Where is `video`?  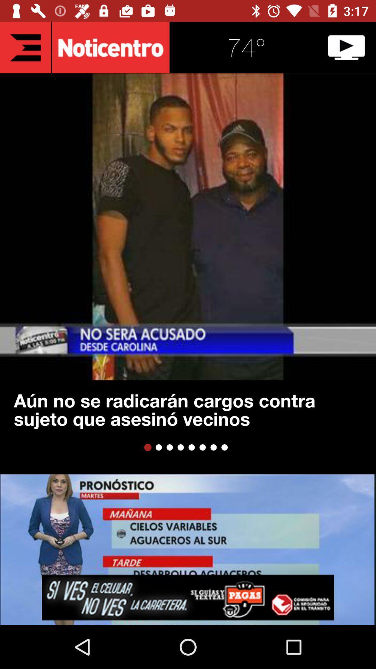
video is located at coordinates (346, 47).